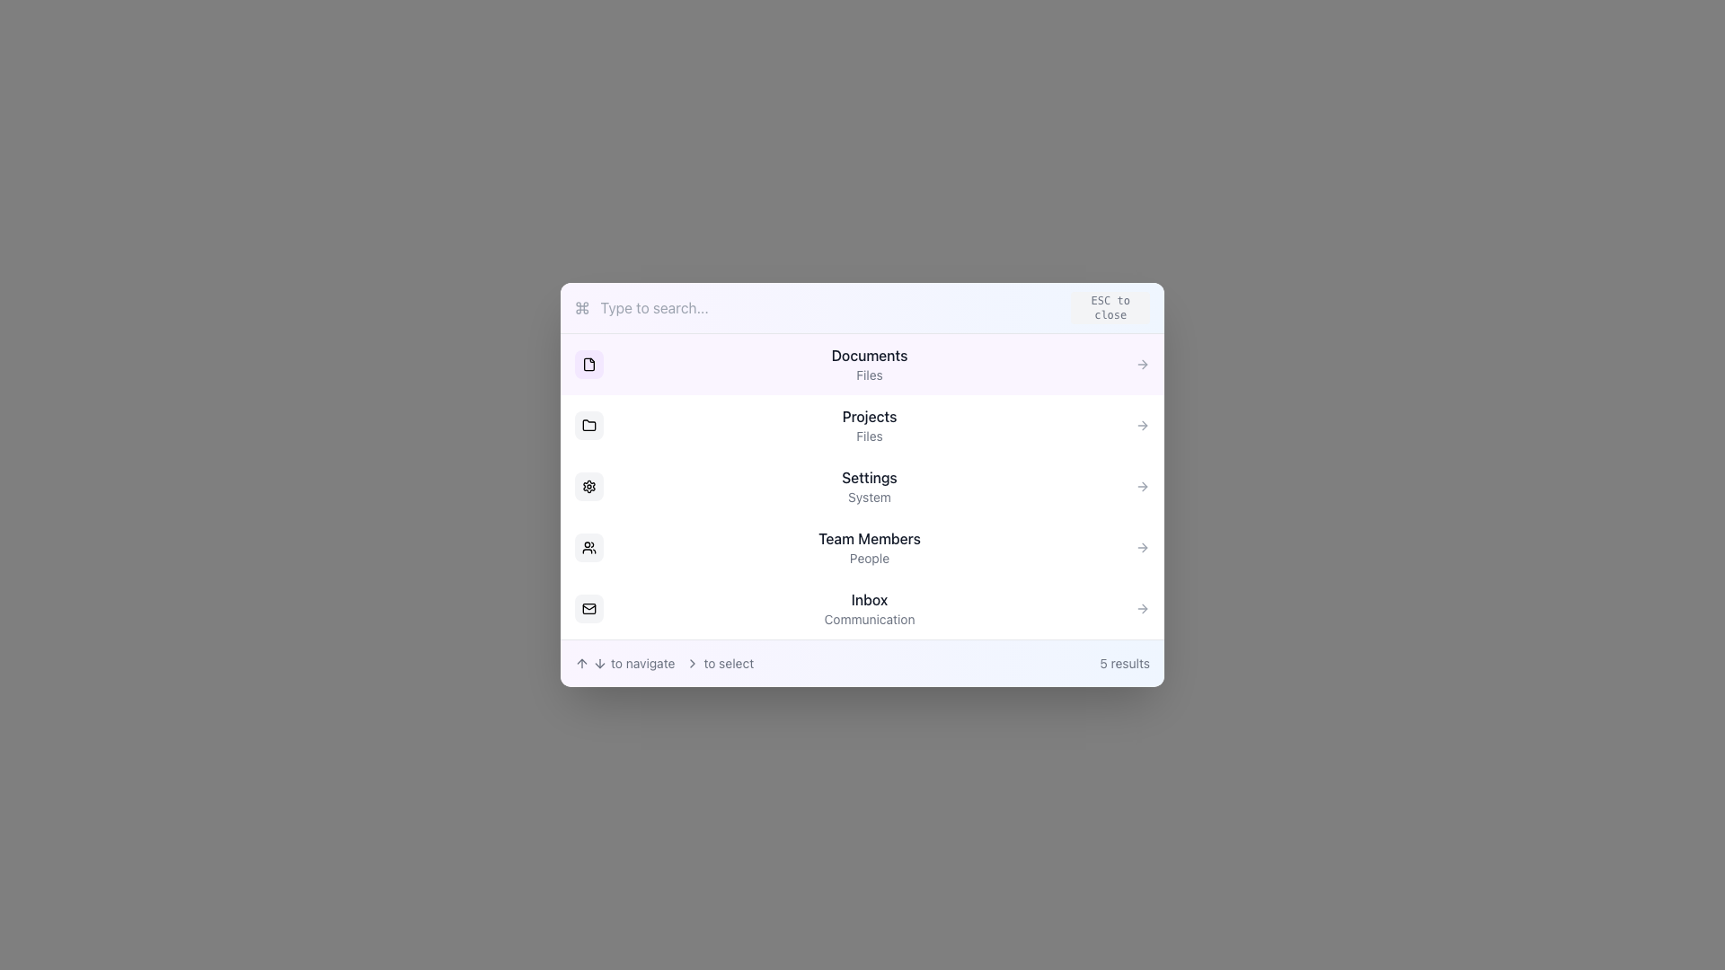 The image size is (1725, 970). I want to click on the icons and text for navigation guidance on the Informational panel located at the bottom of the interface, so click(862, 662).